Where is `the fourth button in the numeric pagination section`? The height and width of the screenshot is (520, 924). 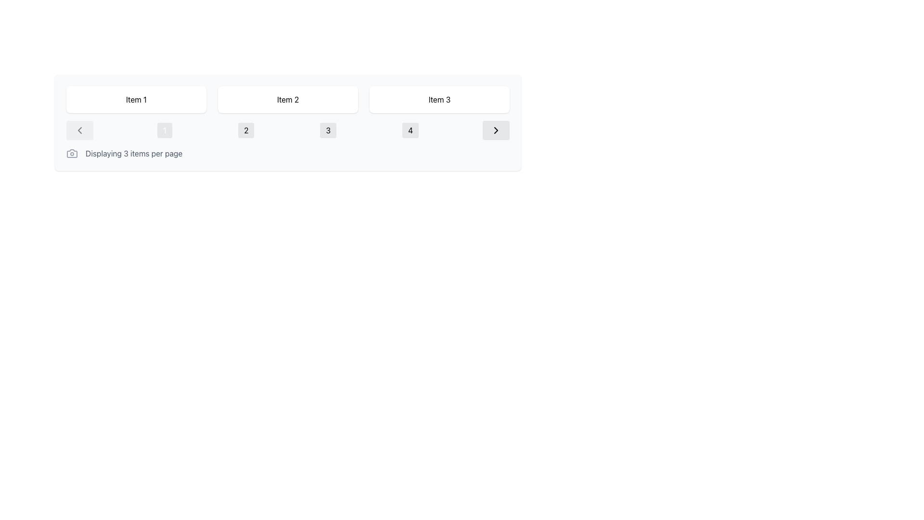
the fourth button in the numeric pagination section is located at coordinates (411, 130).